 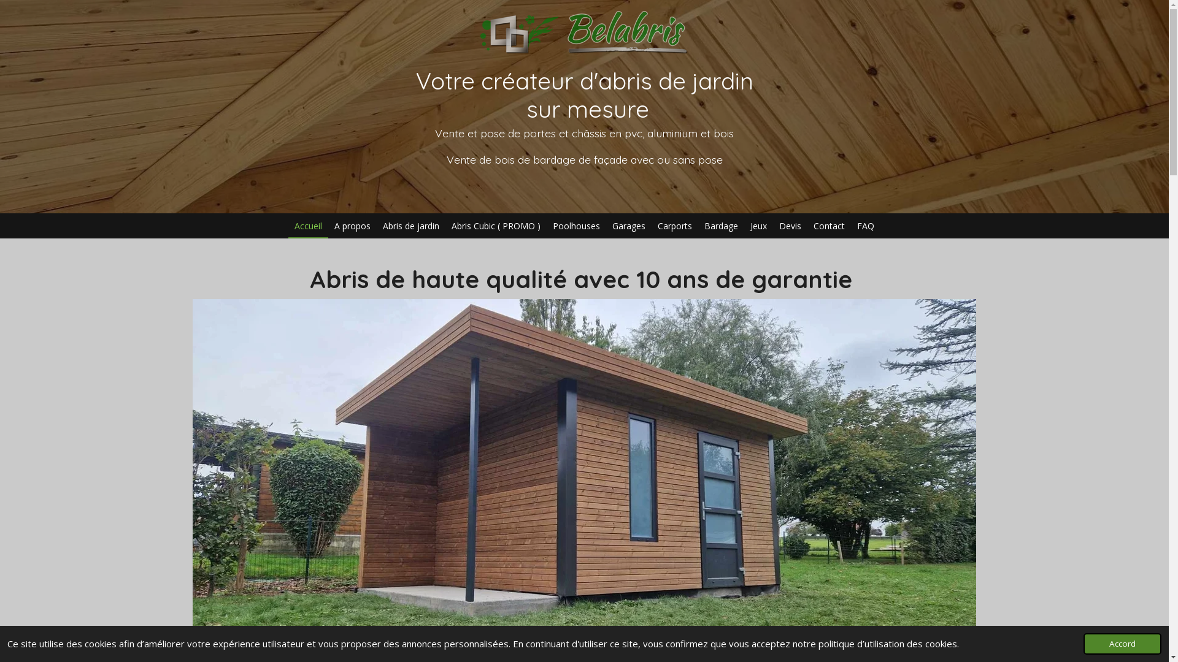 What do you see at coordinates (328, 225) in the screenshot?
I see `'A propos'` at bounding box center [328, 225].